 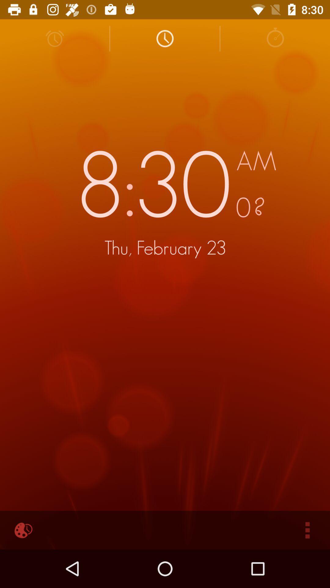 What do you see at coordinates (22, 530) in the screenshot?
I see `paint` at bounding box center [22, 530].